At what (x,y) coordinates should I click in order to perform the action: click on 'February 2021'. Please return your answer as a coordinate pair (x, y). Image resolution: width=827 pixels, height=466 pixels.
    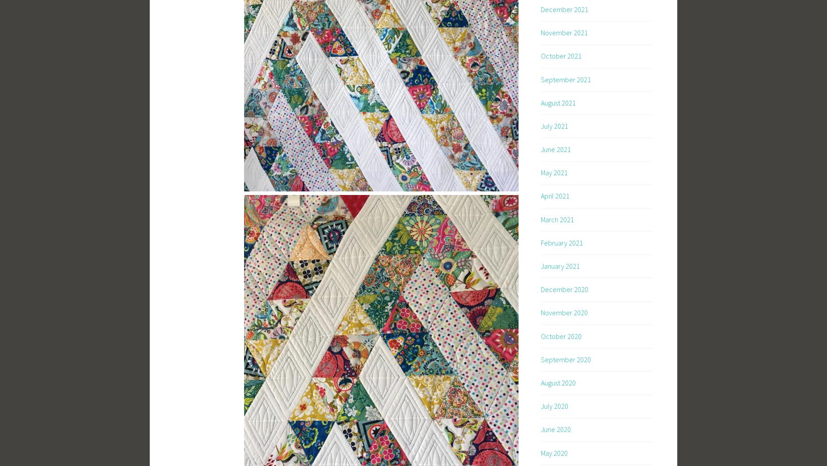
    Looking at the image, I should click on (540, 242).